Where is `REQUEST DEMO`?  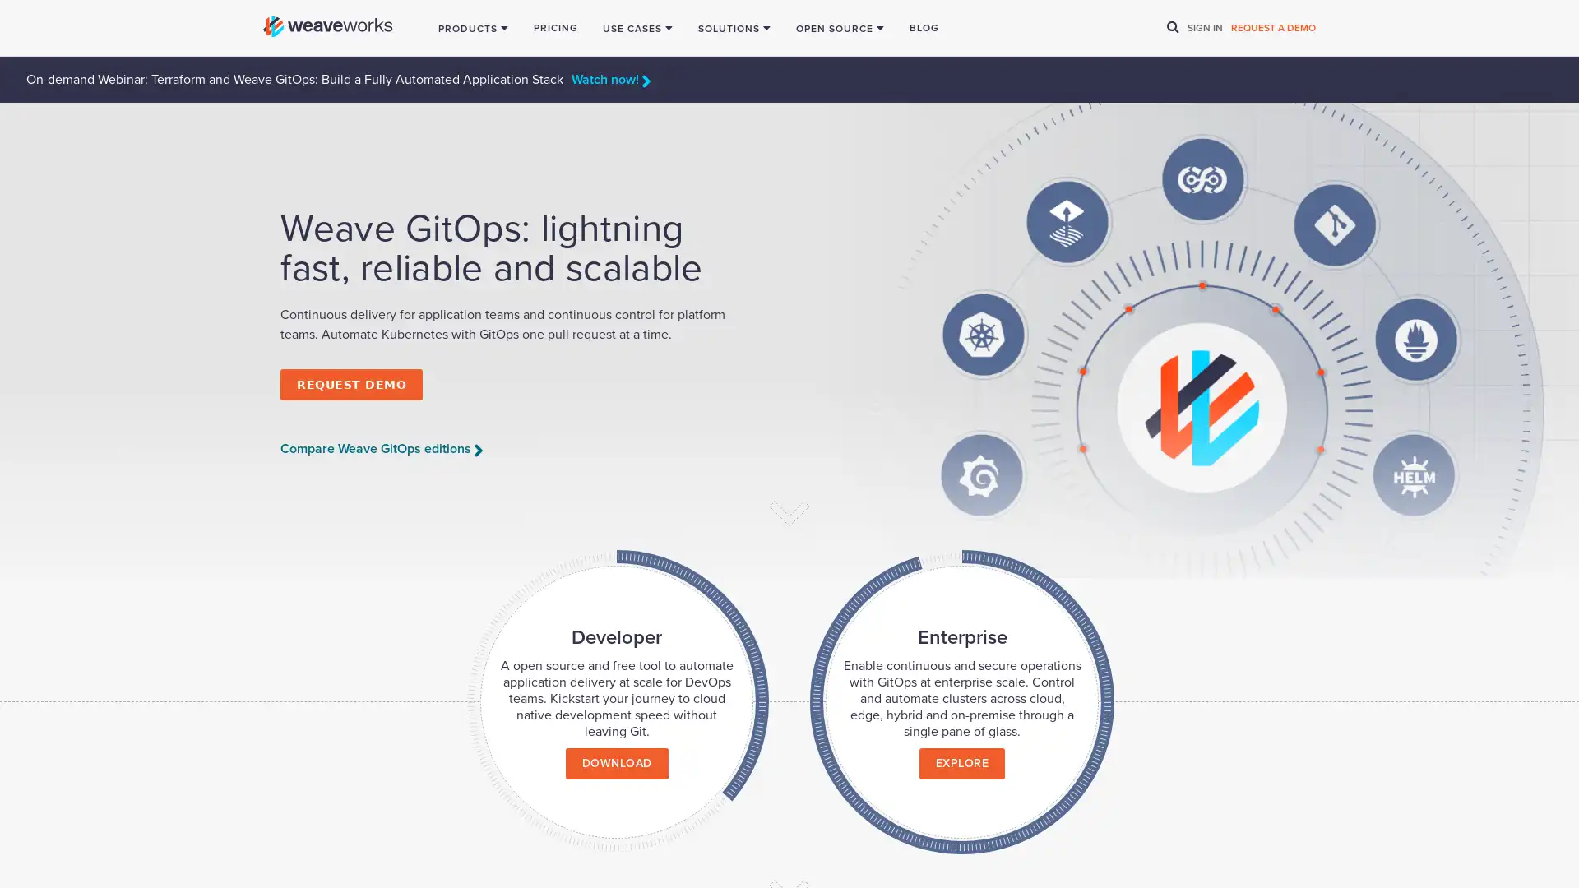
REQUEST DEMO is located at coordinates (350, 383).